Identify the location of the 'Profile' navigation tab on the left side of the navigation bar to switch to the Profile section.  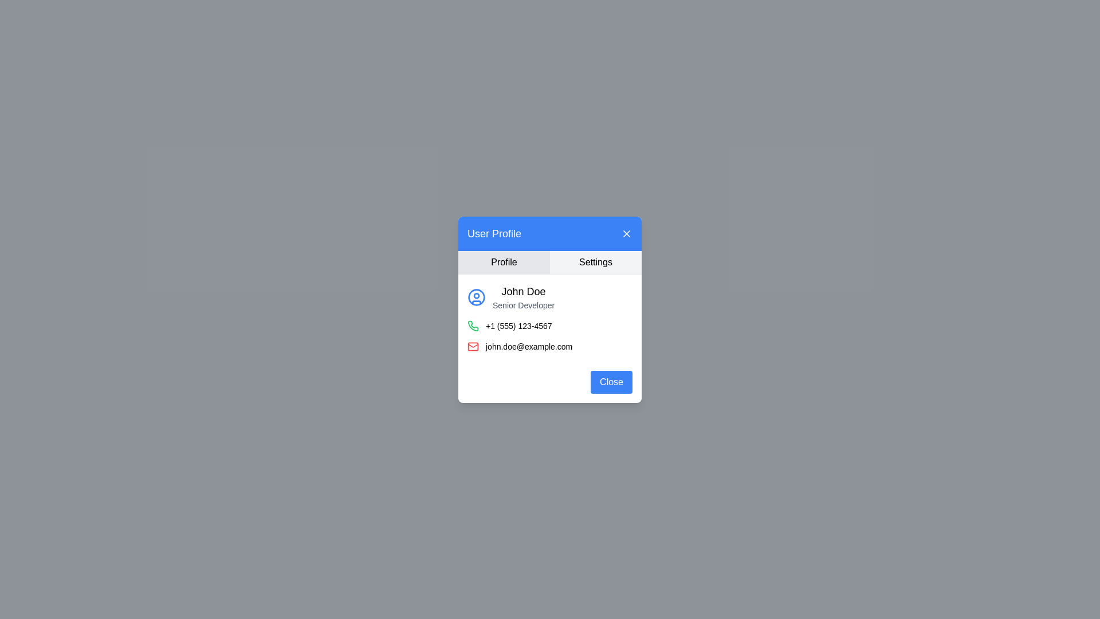
(504, 262).